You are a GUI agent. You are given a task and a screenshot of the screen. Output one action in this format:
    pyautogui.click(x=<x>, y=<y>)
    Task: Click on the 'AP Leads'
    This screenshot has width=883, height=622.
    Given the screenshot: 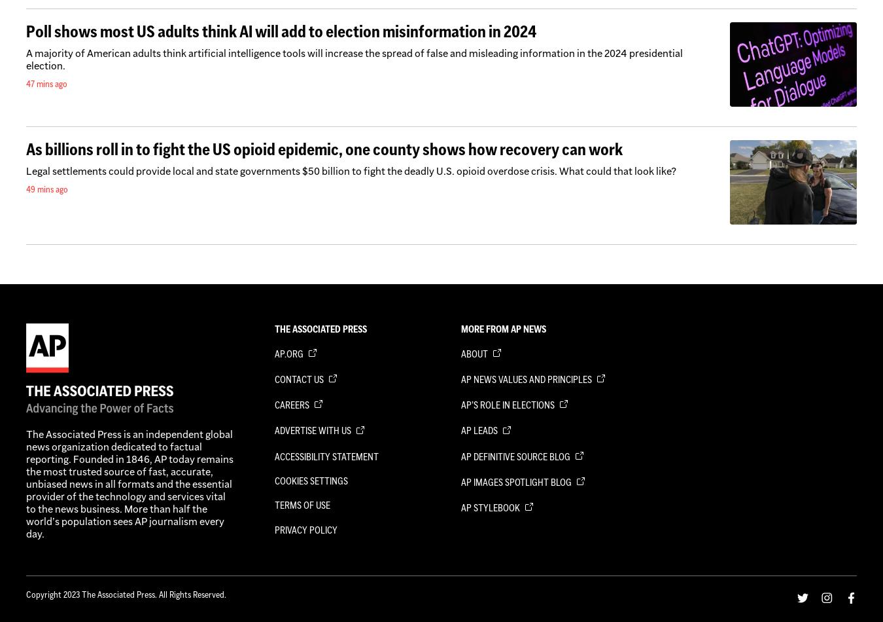 What is the action you would take?
    pyautogui.click(x=460, y=430)
    